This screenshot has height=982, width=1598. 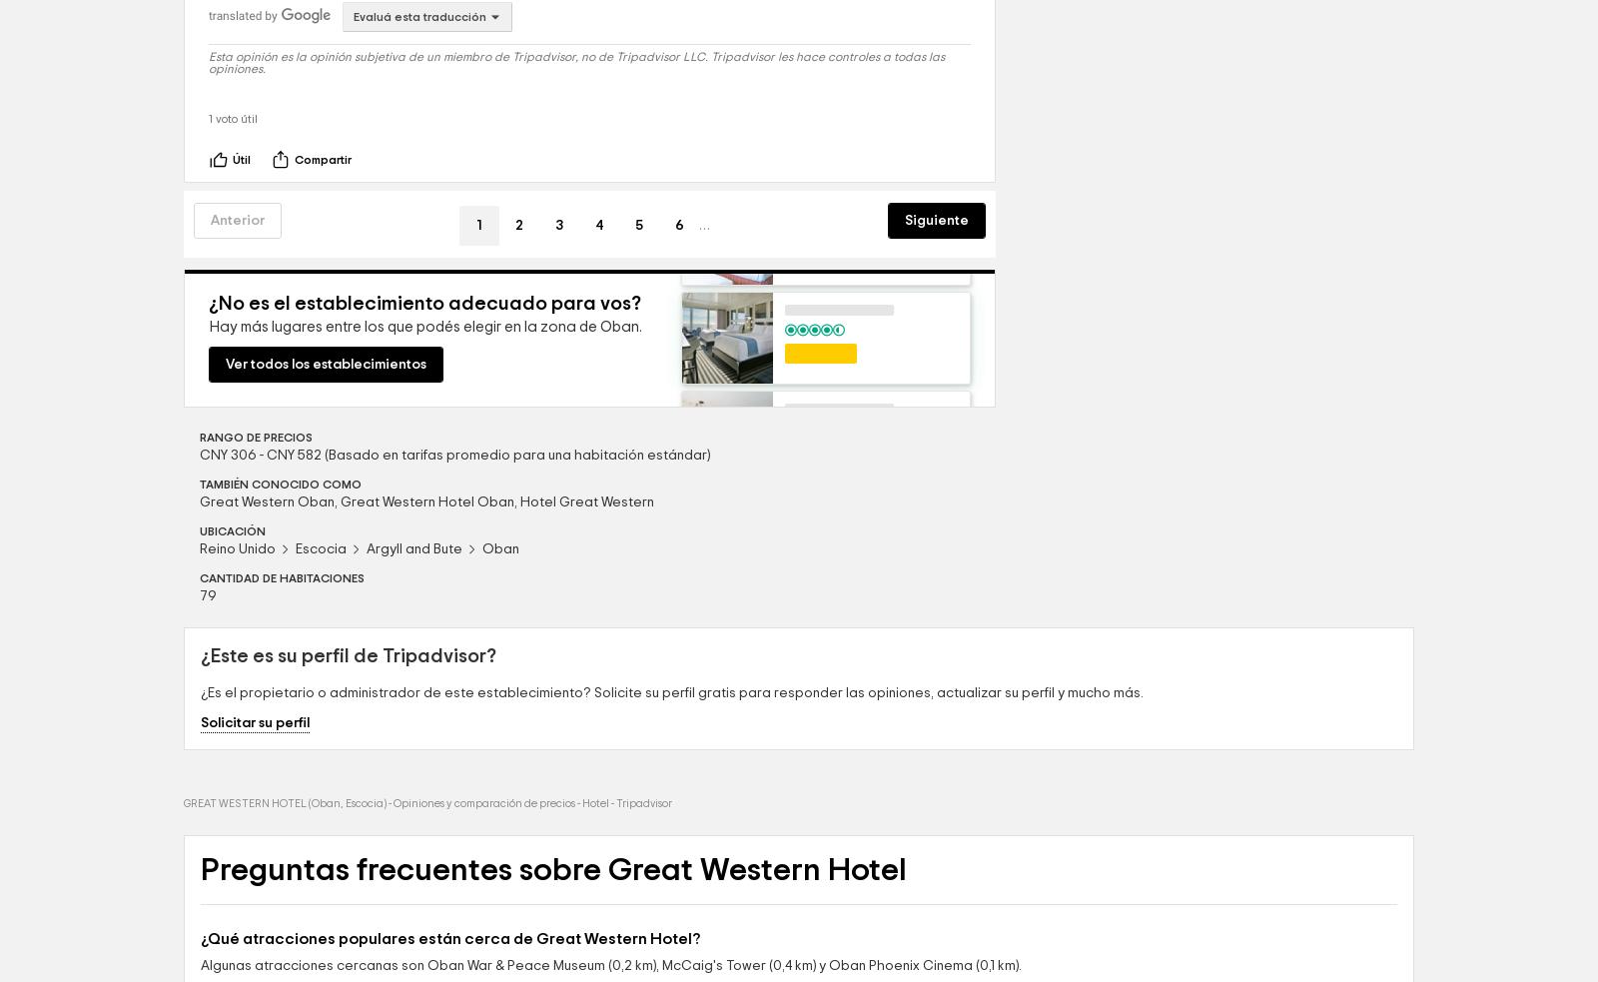 I want to click on 'Escocia', so click(x=321, y=686).